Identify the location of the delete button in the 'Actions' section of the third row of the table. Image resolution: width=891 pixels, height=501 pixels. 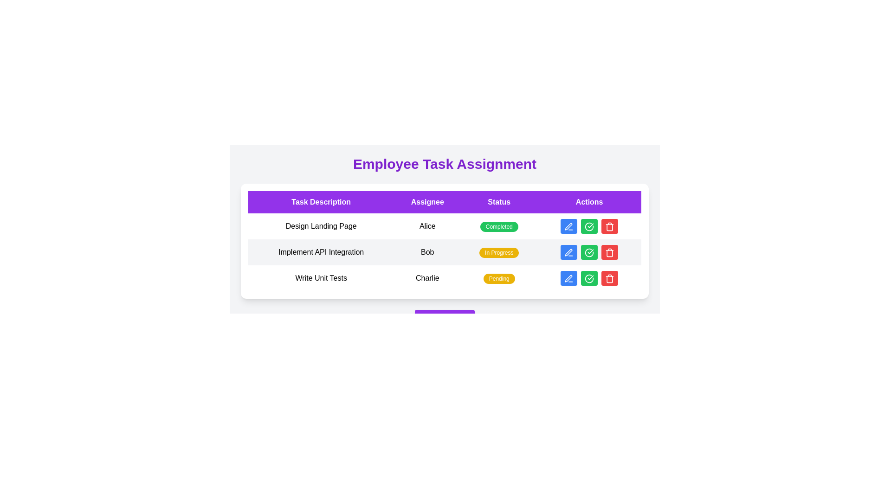
(610, 226).